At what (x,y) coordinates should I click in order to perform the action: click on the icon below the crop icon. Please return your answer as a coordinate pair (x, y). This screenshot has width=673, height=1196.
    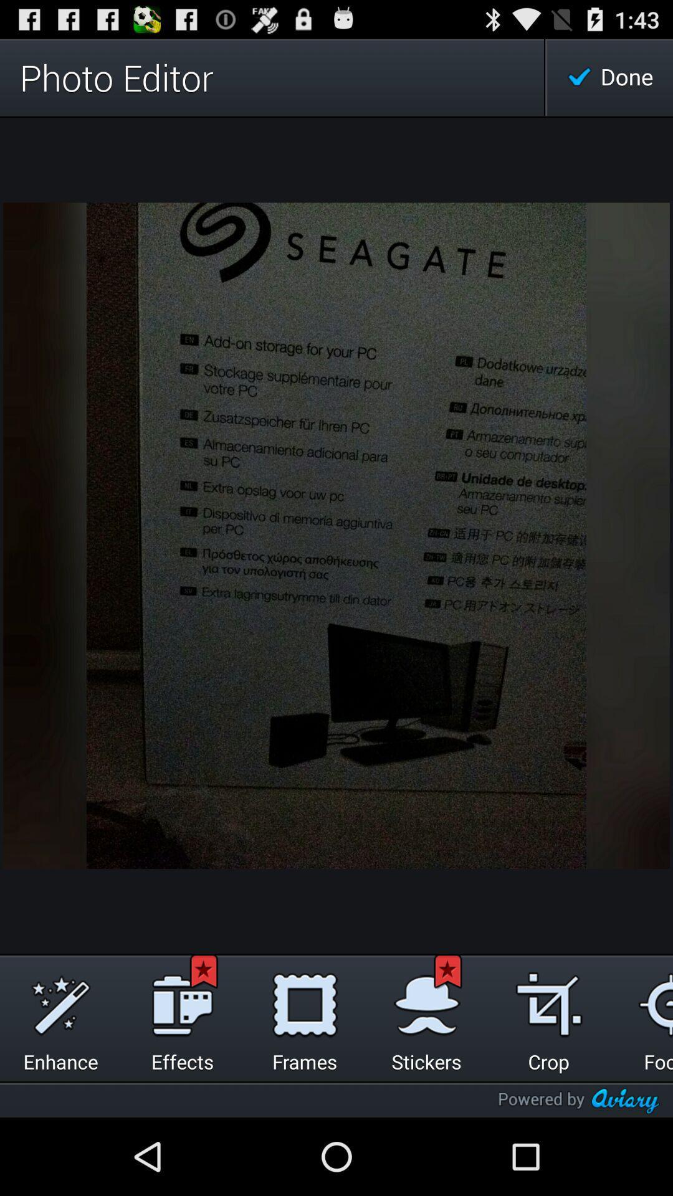
    Looking at the image, I should click on (578, 1101).